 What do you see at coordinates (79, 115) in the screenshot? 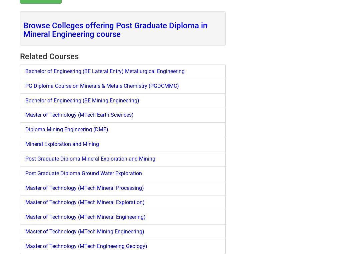
I see `'Master of Technology (MTech Earth Sciences)'` at bounding box center [79, 115].